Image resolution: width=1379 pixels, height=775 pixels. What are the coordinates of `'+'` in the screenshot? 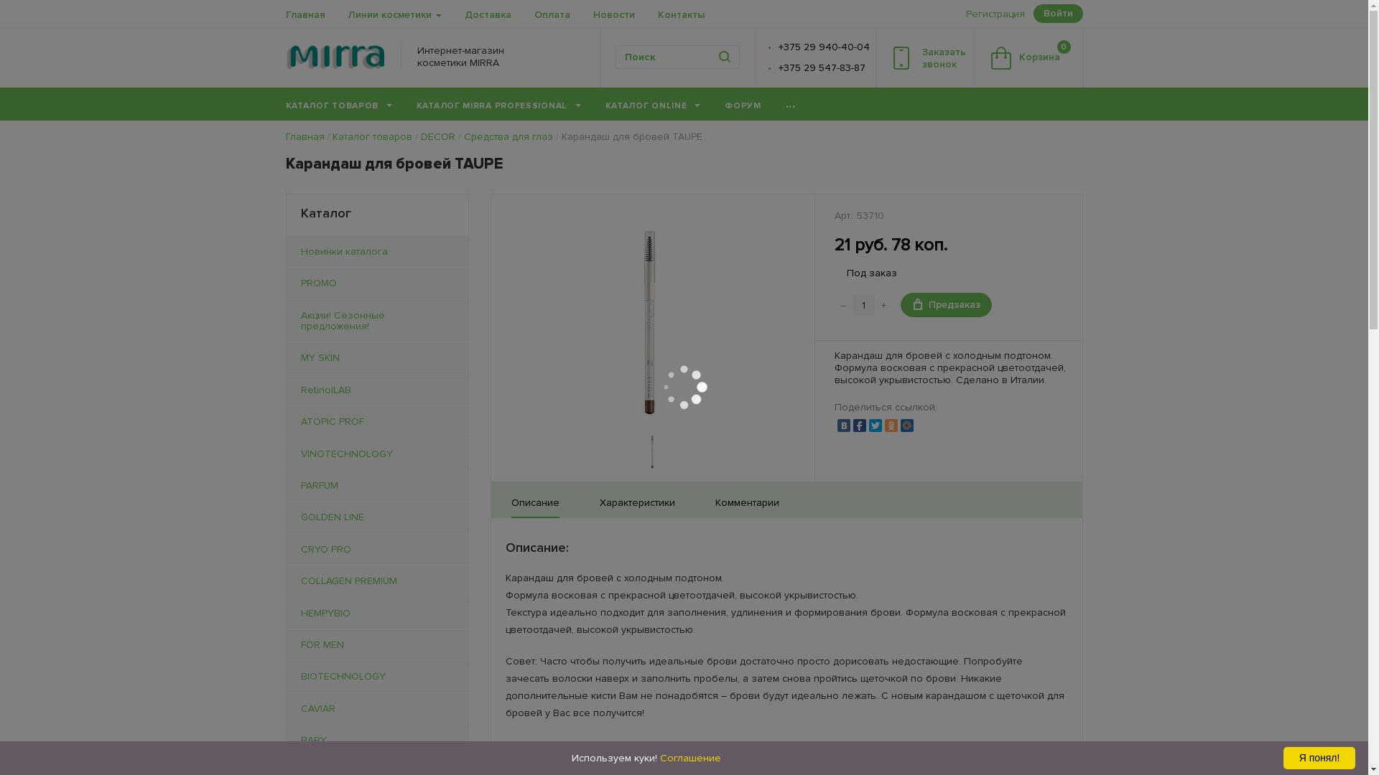 It's located at (883, 304).